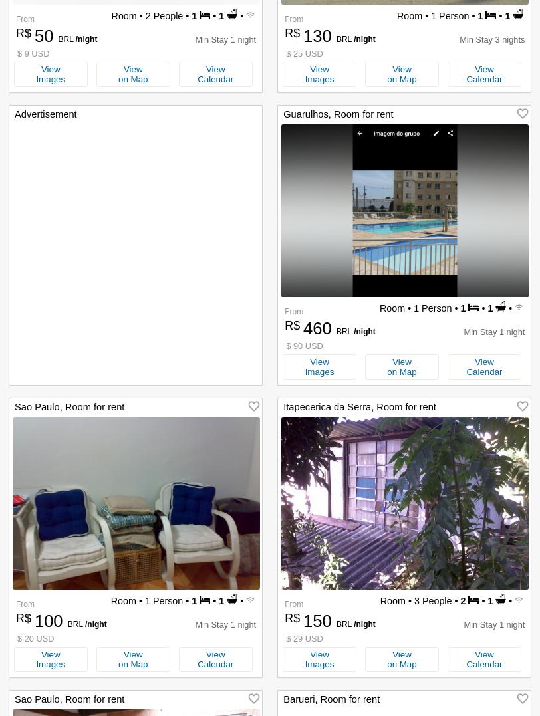 The image size is (540, 716). Describe the element at coordinates (411, 601) in the screenshot. I see `'3 People
•'` at that location.